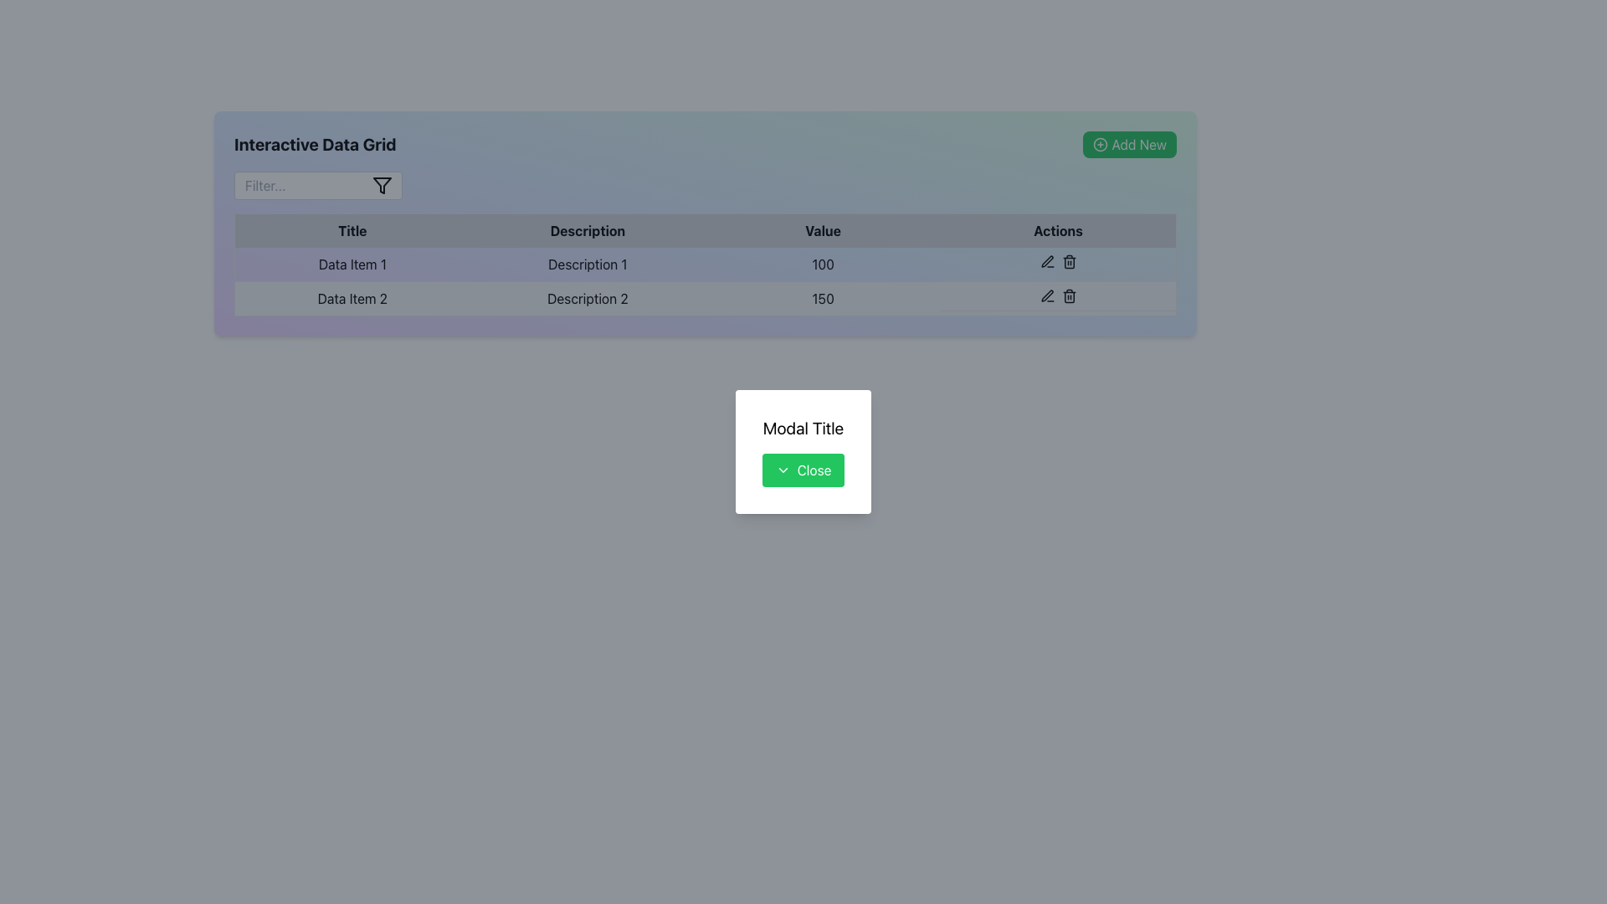  What do you see at coordinates (803, 452) in the screenshot?
I see `the 'Close' button in the modal dialog` at bounding box center [803, 452].